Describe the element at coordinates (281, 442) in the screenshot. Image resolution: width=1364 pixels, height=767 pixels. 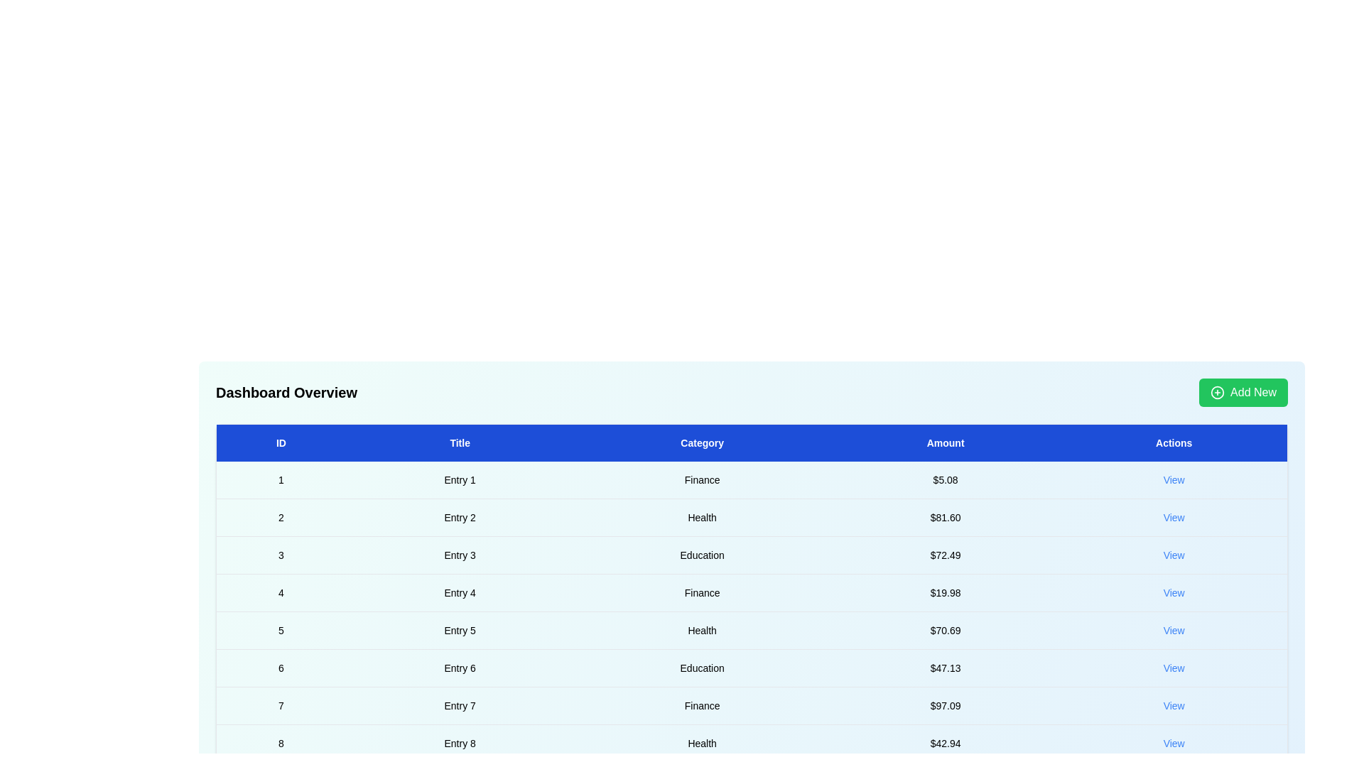
I see `the header ID to sort the table` at that location.